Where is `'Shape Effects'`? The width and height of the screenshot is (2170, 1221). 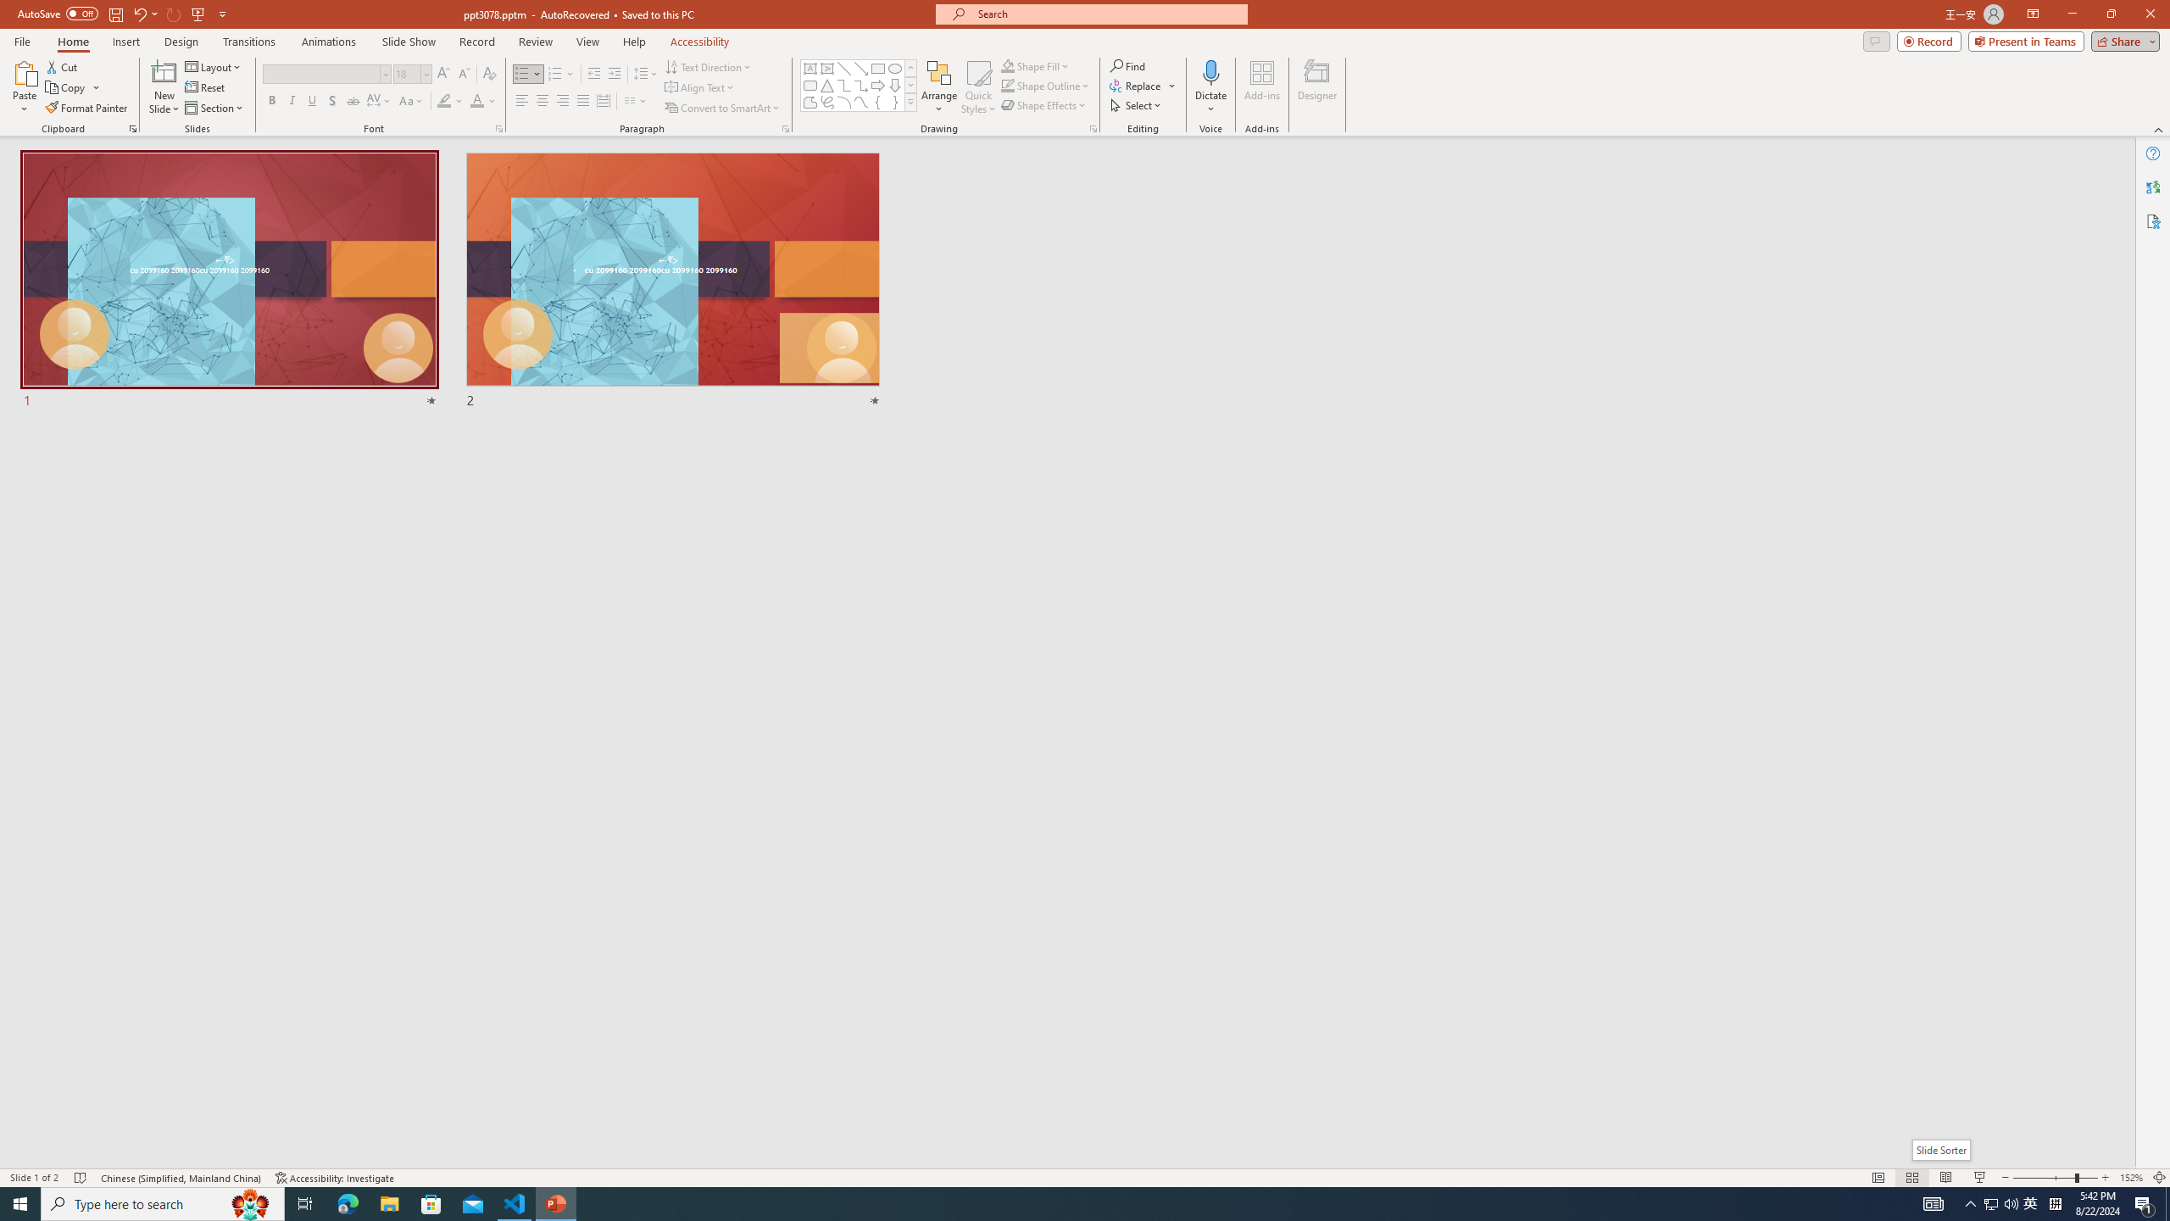
'Shape Effects' is located at coordinates (1043, 103).